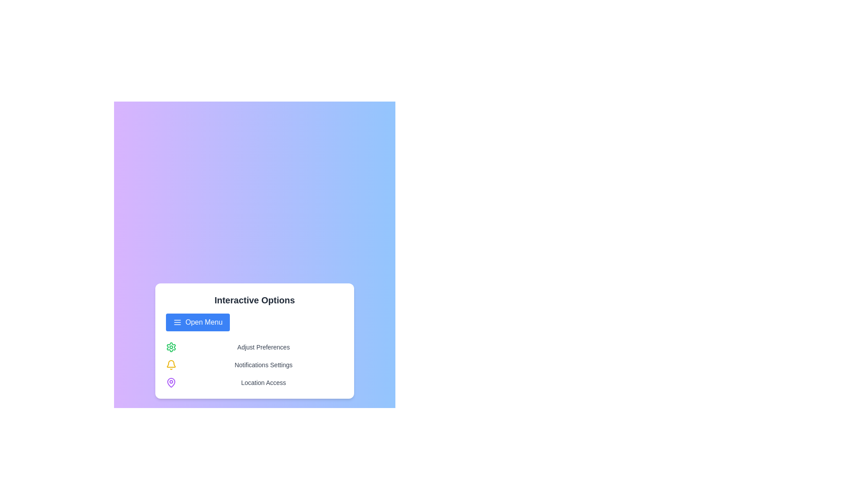 The height and width of the screenshot is (479, 852). Describe the element at coordinates (254, 365) in the screenshot. I see `the selectable option for accessing or modifying notification settings` at that location.